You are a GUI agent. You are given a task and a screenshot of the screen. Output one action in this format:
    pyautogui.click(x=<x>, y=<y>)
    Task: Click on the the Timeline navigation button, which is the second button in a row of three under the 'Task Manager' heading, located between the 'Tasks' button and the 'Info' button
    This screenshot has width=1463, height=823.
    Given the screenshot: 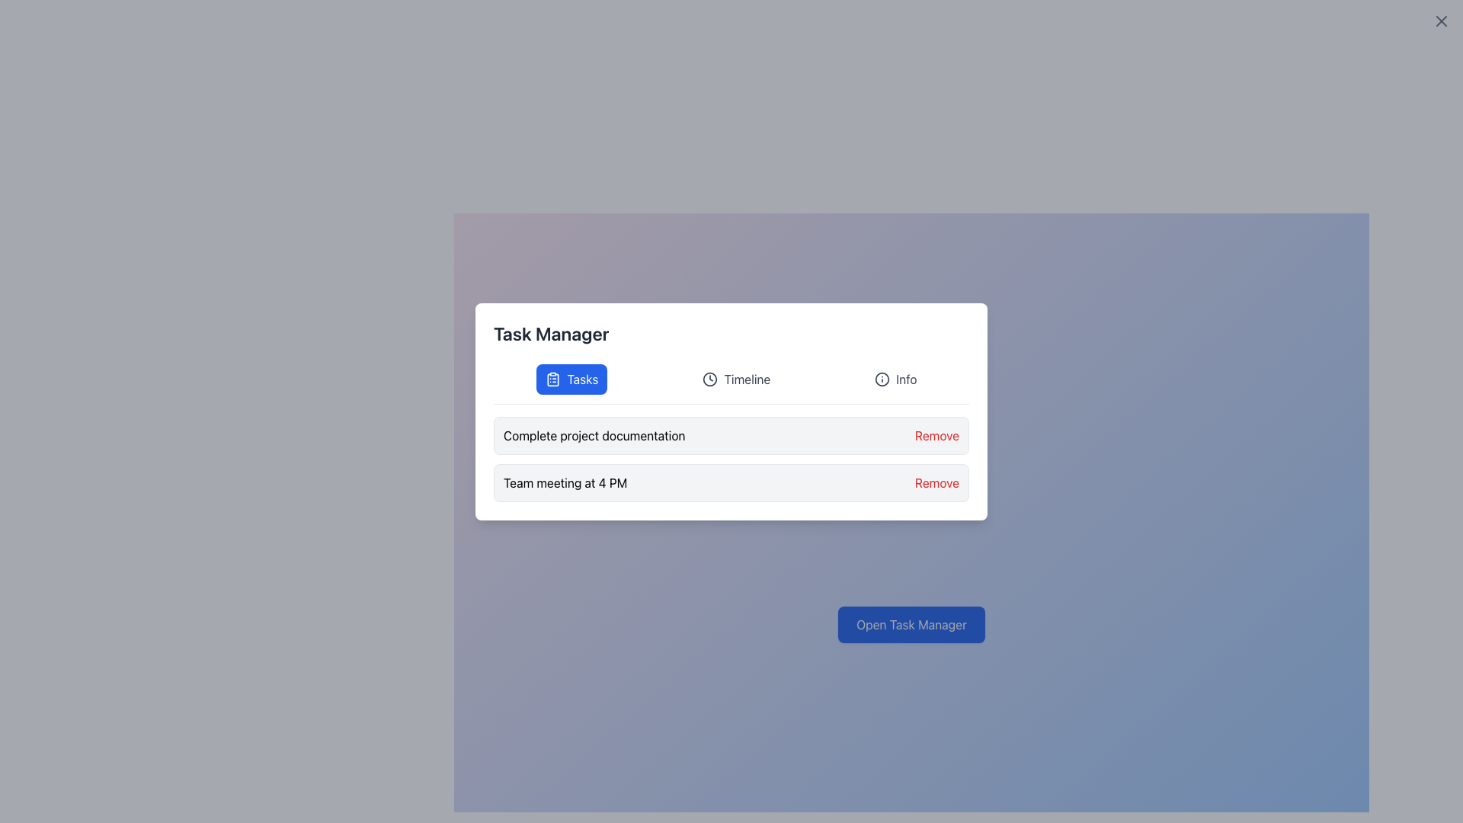 What is the action you would take?
    pyautogui.click(x=736, y=378)
    